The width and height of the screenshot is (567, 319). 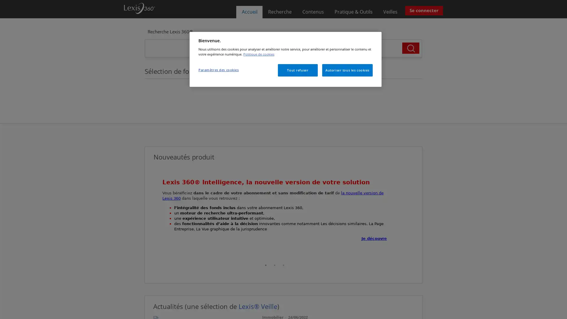 I want to click on Tout refuser, so click(x=297, y=69).